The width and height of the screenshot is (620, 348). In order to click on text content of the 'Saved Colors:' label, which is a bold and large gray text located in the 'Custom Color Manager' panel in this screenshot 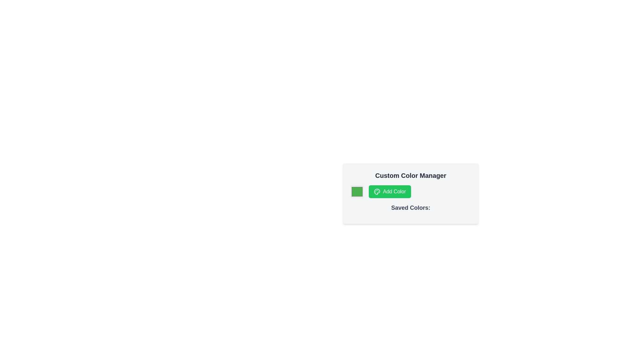, I will do `click(410, 210)`.